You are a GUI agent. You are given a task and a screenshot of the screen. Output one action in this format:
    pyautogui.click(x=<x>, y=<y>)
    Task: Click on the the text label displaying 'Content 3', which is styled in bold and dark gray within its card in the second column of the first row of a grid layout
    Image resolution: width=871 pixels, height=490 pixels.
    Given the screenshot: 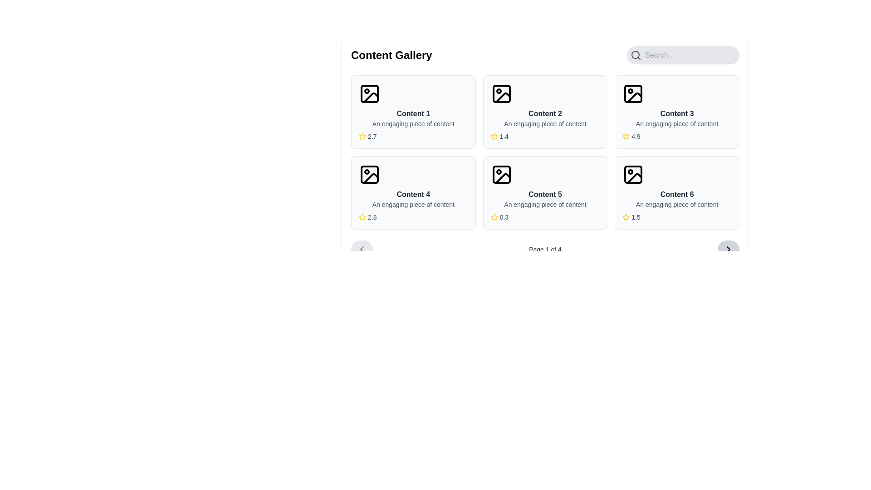 What is the action you would take?
    pyautogui.click(x=677, y=113)
    